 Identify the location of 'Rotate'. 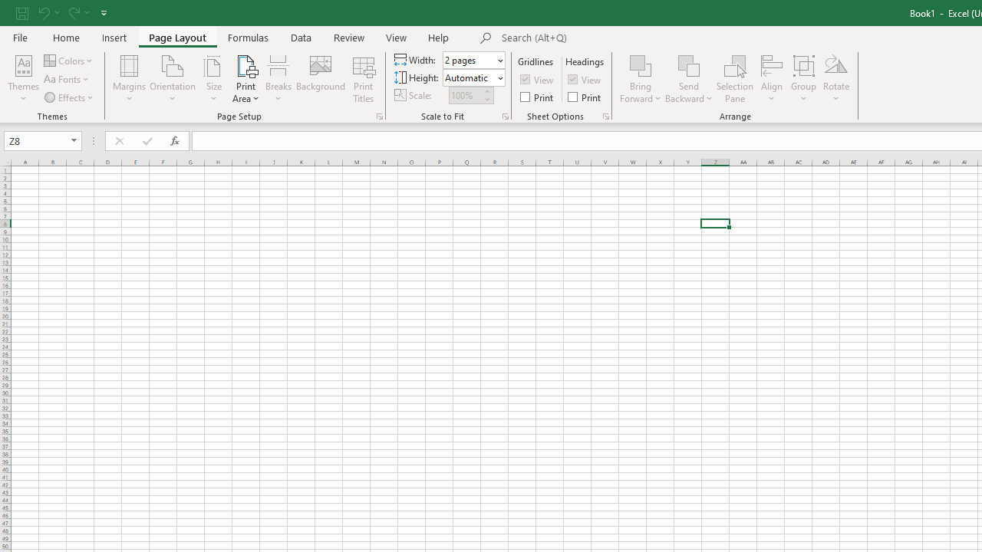
(835, 79).